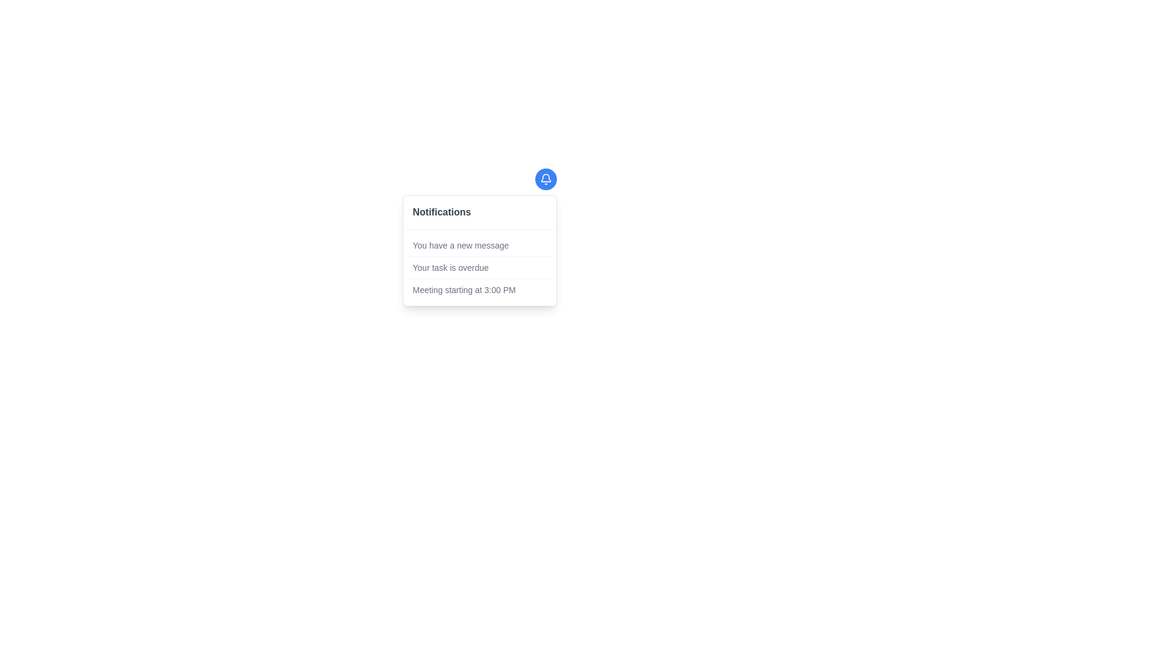 The image size is (1156, 650). Describe the element at coordinates (479, 267) in the screenshot. I see `the static text notification that reads 'Your task is overdue', which is the second notification in the vertical list of notifications` at that location.